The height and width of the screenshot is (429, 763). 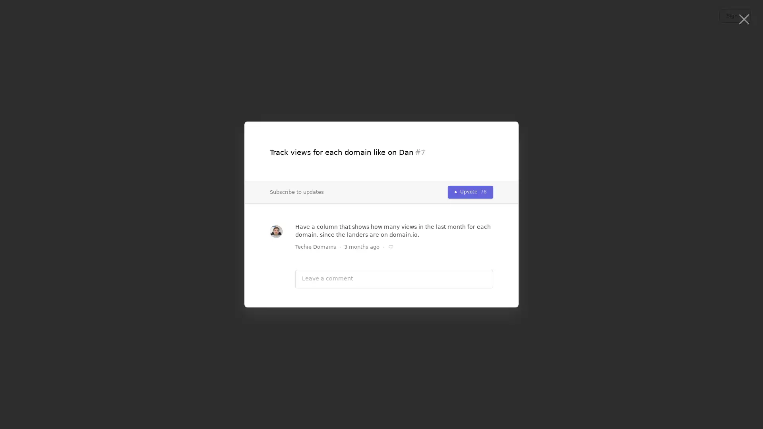 I want to click on Upvote 78, so click(x=471, y=191).